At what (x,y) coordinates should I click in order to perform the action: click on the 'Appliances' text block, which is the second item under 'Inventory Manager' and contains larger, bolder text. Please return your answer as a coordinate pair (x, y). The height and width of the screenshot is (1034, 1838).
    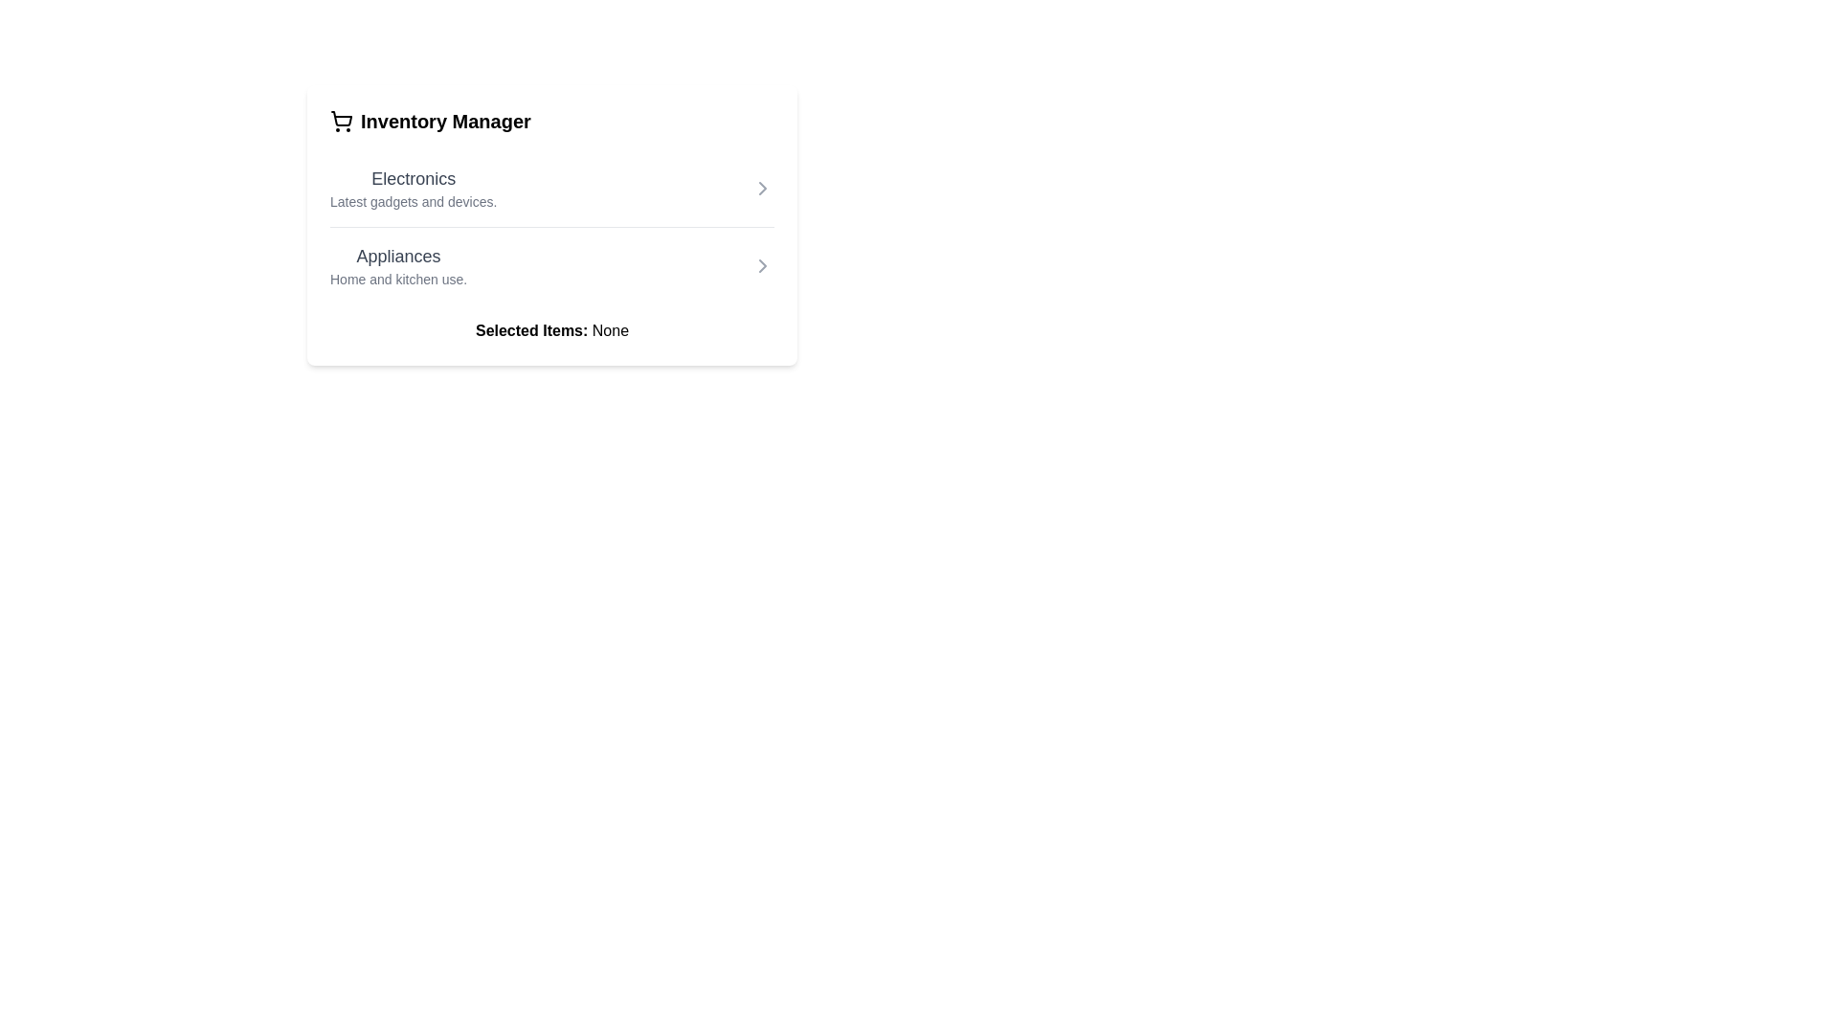
    Looking at the image, I should click on (397, 265).